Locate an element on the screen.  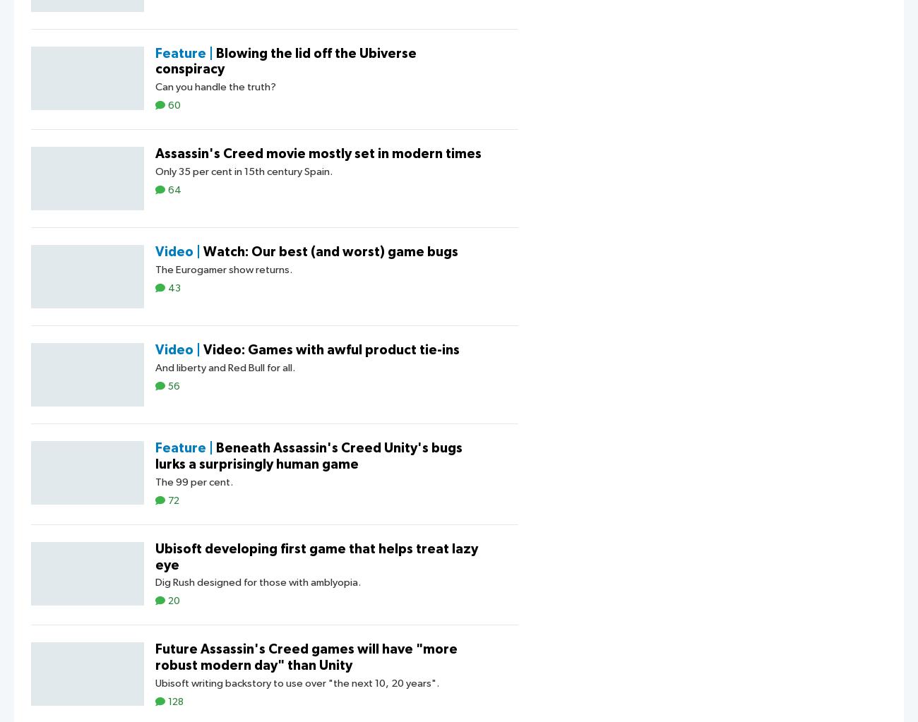
'The Eurogamer show returns.' is located at coordinates (223, 268).